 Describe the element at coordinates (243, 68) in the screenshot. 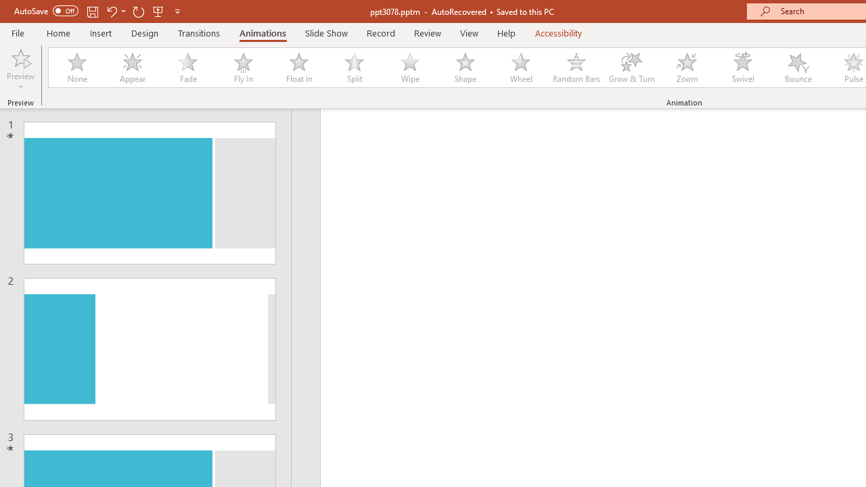

I see `'Fly In'` at that location.